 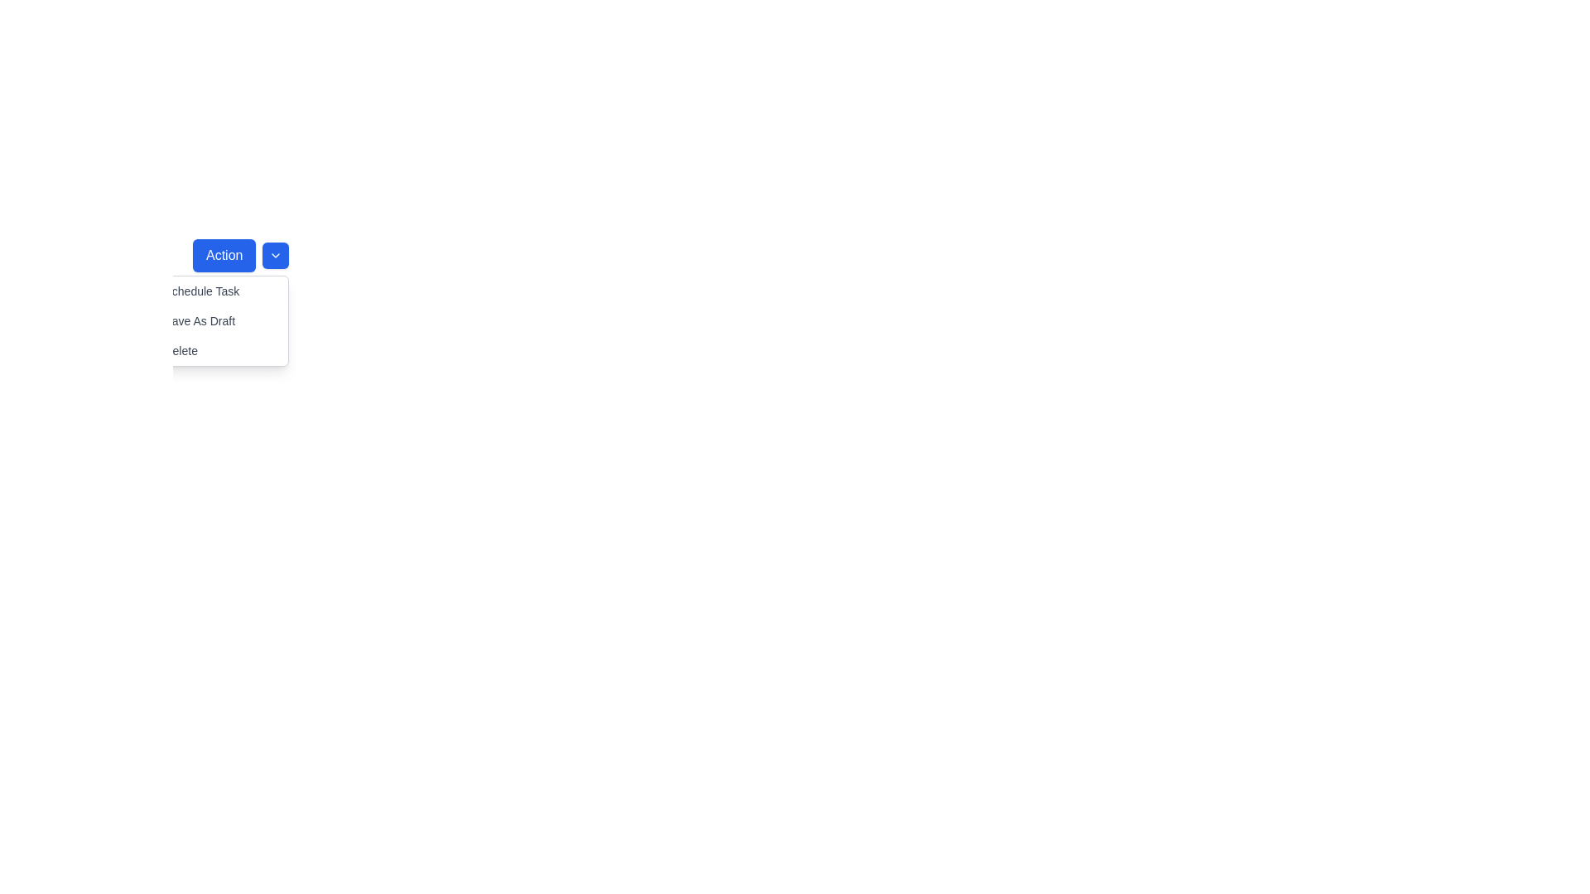 I want to click on the downward-pointing chevron icon, which is located on the right side of the 'Action' button with a blue background, so click(x=276, y=255).